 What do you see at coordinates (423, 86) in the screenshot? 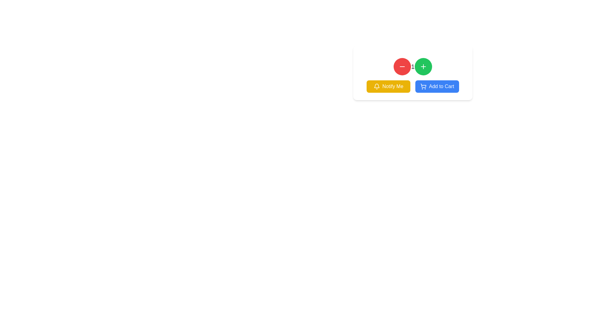
I see `the small shopping cart icon located within the 'Add to Cart' button` at bounding box center [423, 86].